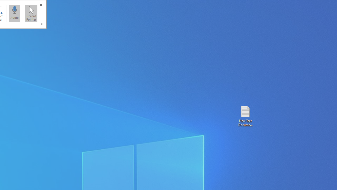 This screenshot has height=190, width=337. What do you see at coordinates (31, 13) in the screenshot?
I see `'Record Pointer'` at bounding box center [31, 13].